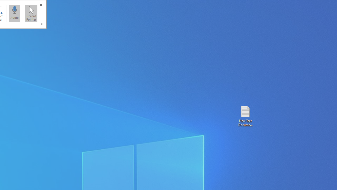 This screenshot has height=190, width=337. What do you see at coordinates (31, 13) in the screenshot?
I see `'Record Pointer'` at bounding box center [31, 13].